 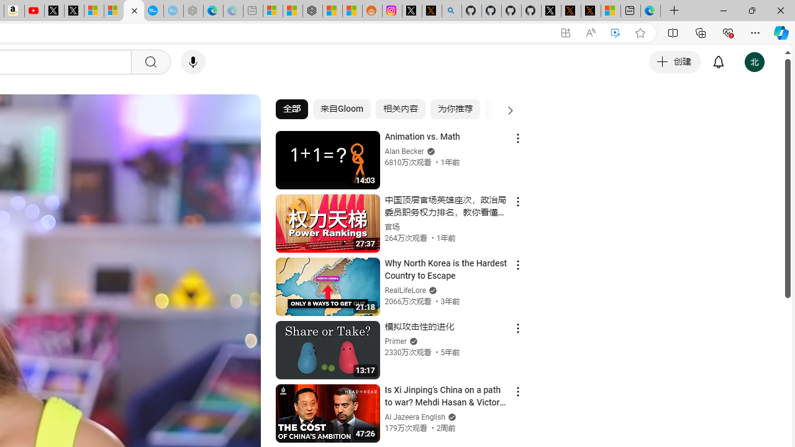 I want to click on 'Day 1: Arriving in Yemen (surreal to be here) - YouTube', so click(x=34, y=11).